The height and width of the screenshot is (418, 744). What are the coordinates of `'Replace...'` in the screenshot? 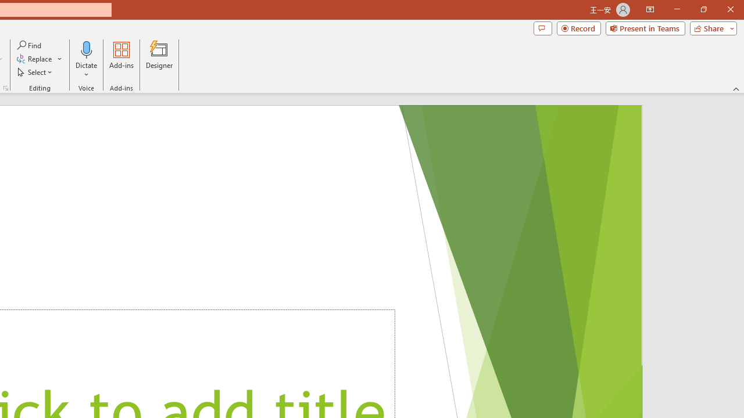 It's located at (40, 59).